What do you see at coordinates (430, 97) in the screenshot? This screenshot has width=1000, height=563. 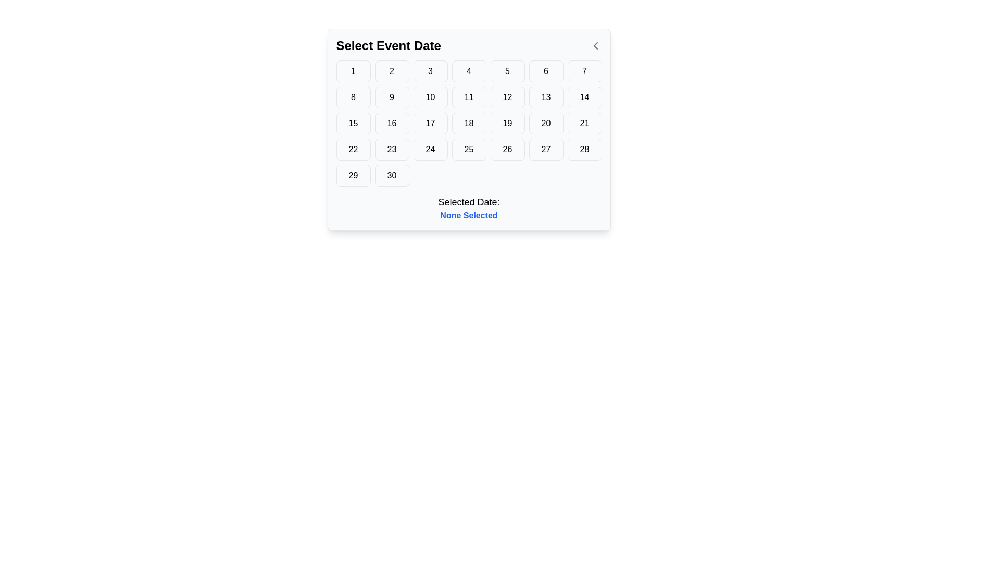 I see `the button displaying the number '10' which is located in the second row and third column of the grid layout` at bounding box center [430, 97].